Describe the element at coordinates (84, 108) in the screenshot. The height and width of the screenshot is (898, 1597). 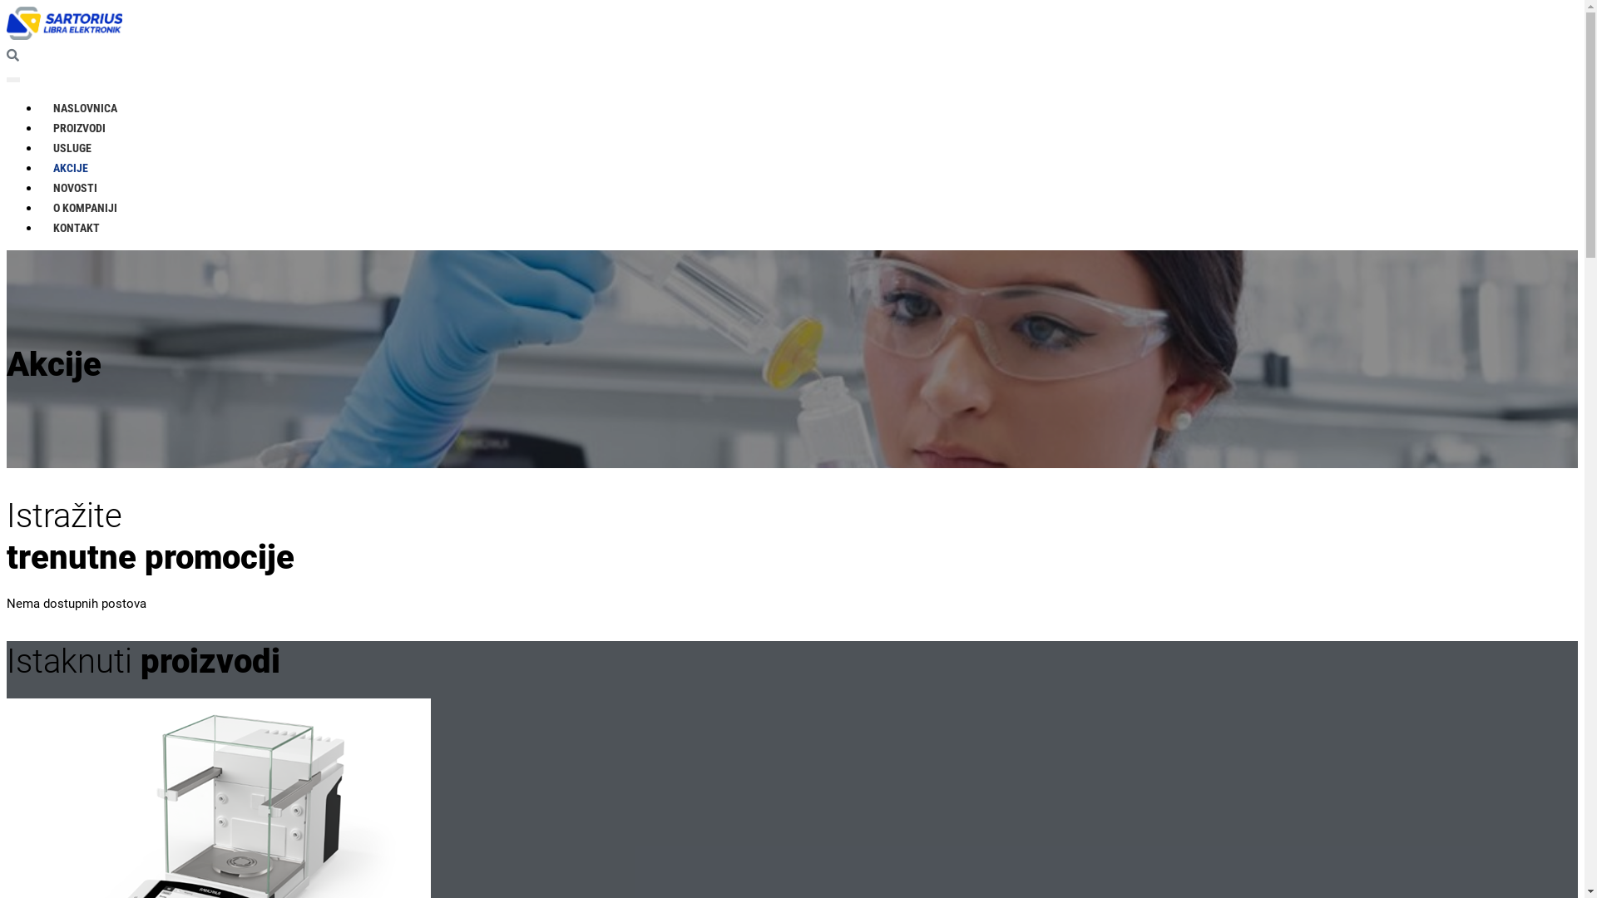
I see `'NASLOVNICA'` at that location.